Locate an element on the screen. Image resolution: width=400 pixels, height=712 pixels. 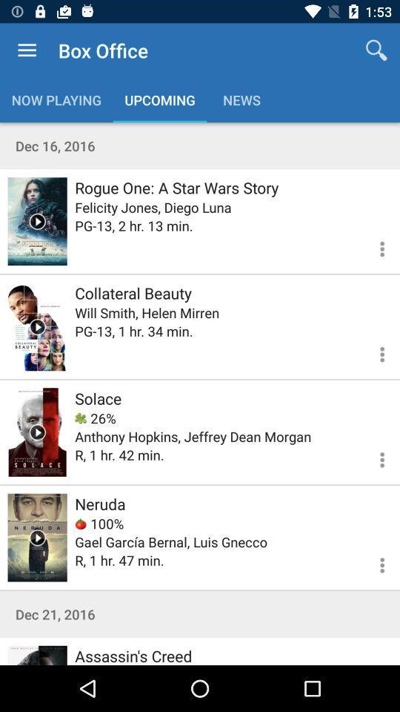
the felicity jones diego icon is located at coordinates (152, 206).